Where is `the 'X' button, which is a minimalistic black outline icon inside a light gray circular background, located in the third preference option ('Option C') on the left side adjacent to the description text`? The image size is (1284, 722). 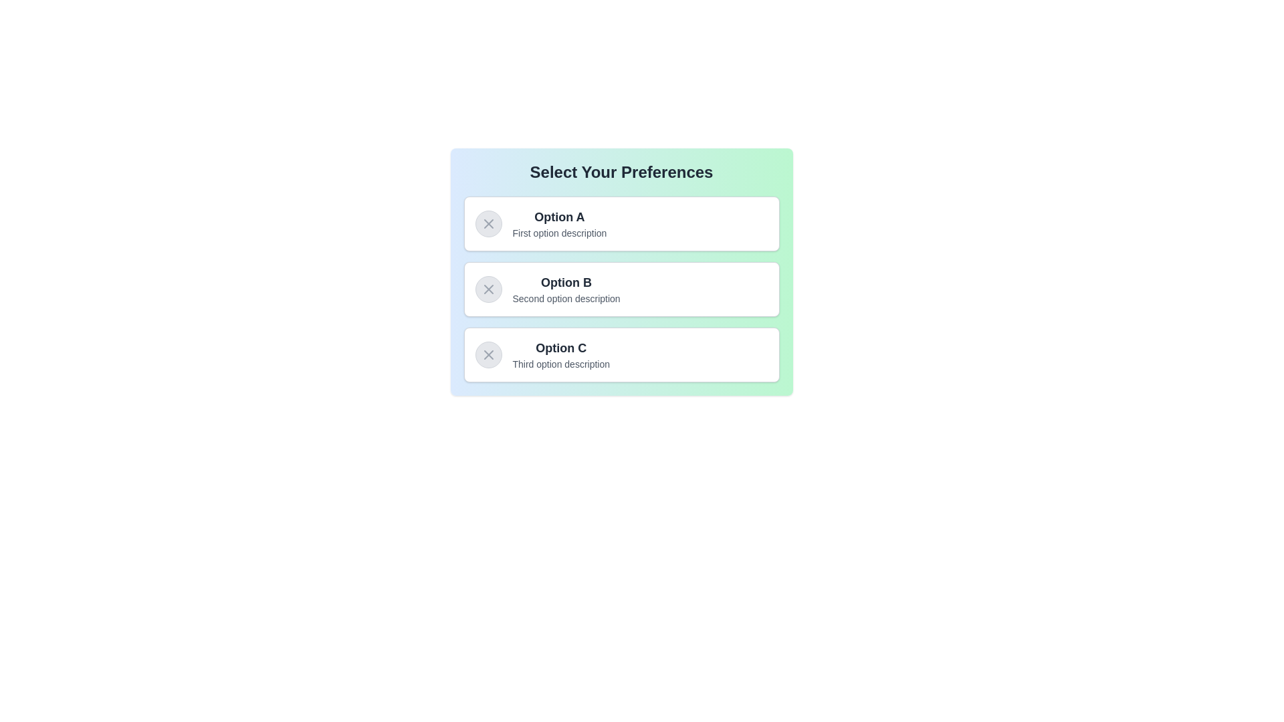 the 'X' button, which is a minimalistic black outline icon inside a light gray circular background, located in the third preference option ('Option C') on the left side adjacent to the description text is located at coordinates (488, 354).